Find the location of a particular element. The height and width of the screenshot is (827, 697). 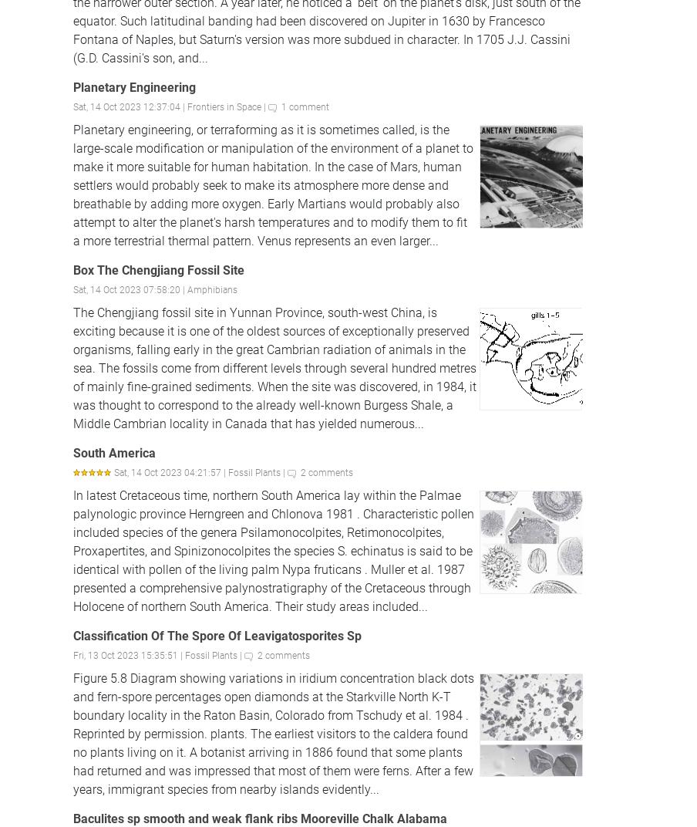

'Frontiers in Space' is located at coordinates (224, 105).